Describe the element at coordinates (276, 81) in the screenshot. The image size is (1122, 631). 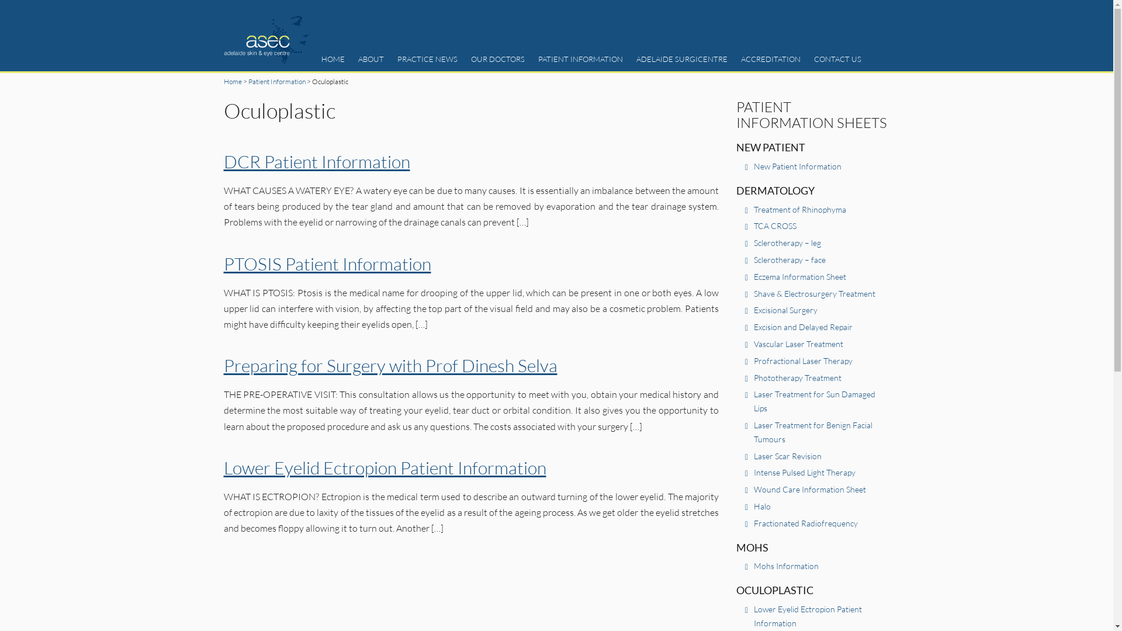
I see `'Patient Information'` at that location.